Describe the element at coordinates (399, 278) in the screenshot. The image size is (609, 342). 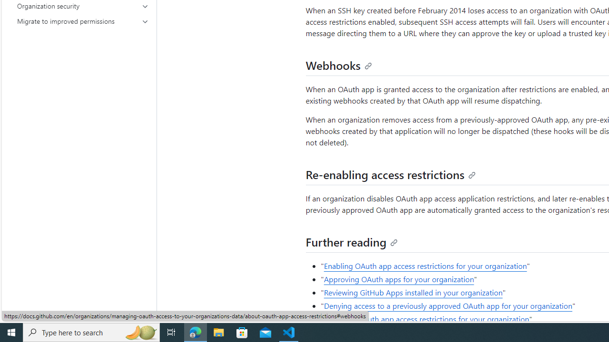
I see `'Approving OAuth apps for your organization'` at that location.